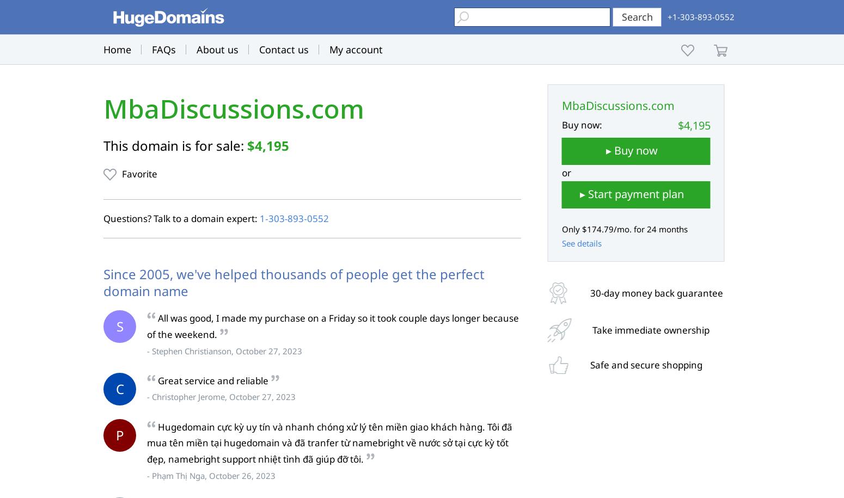 The width and height of the screenshot is (844, 498). Describe the element at coordinates (283, 49) in the screenshot. I see `'Contact us'` at that location.